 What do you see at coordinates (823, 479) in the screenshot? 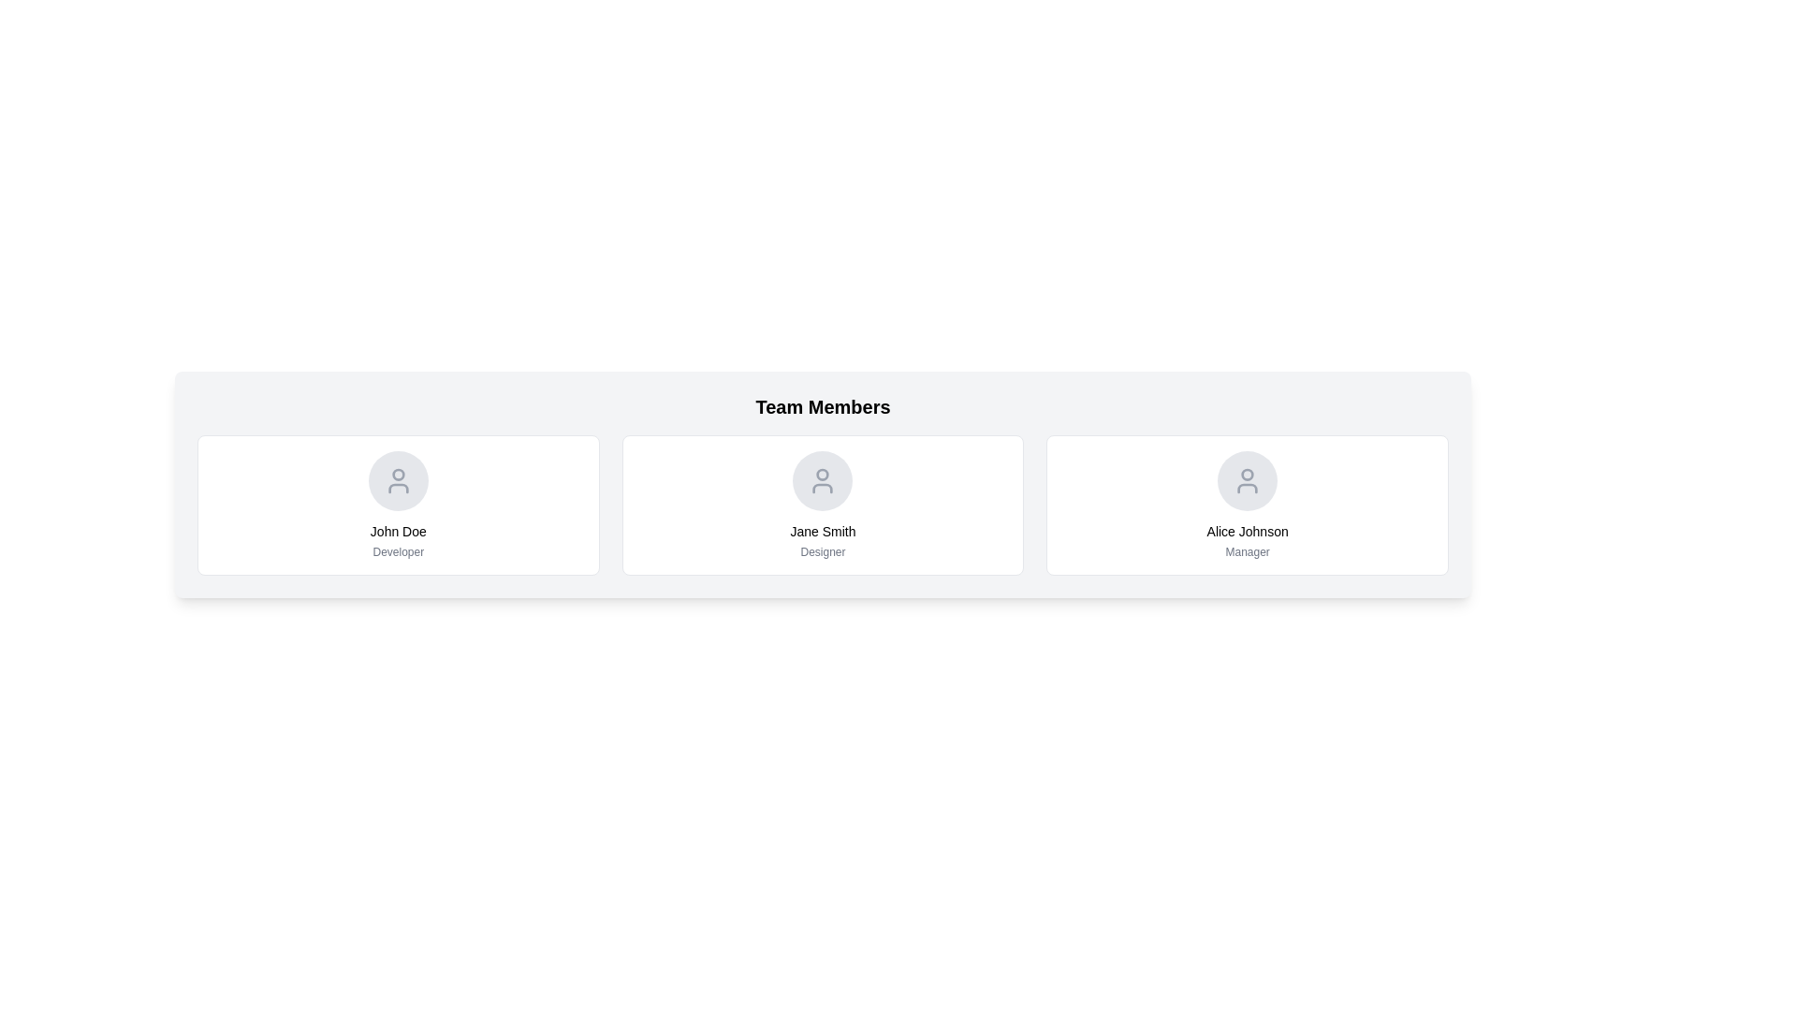
I see `the user profile icon located at the top center of the second card, which identifies 'Jane Smith' the Designer` at bounding box center [823, 479].